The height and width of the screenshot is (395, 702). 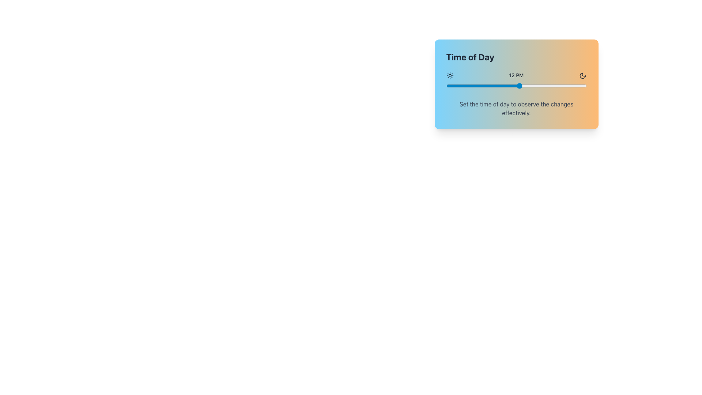 I want to click on the slider value, so click(x=580, y=86).